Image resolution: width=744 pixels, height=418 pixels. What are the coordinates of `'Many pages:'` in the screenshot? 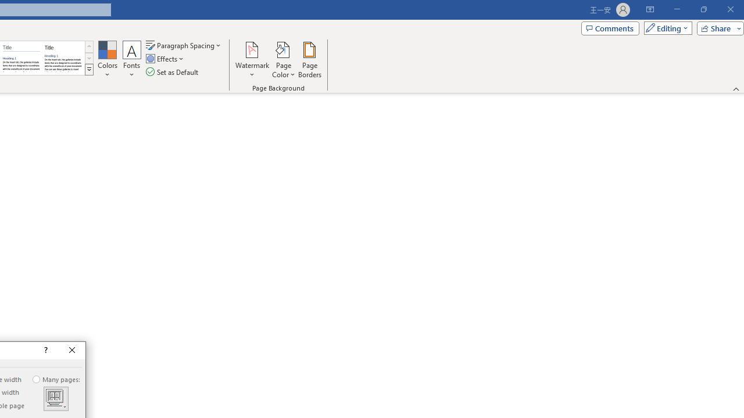 It's located at (56, 379).